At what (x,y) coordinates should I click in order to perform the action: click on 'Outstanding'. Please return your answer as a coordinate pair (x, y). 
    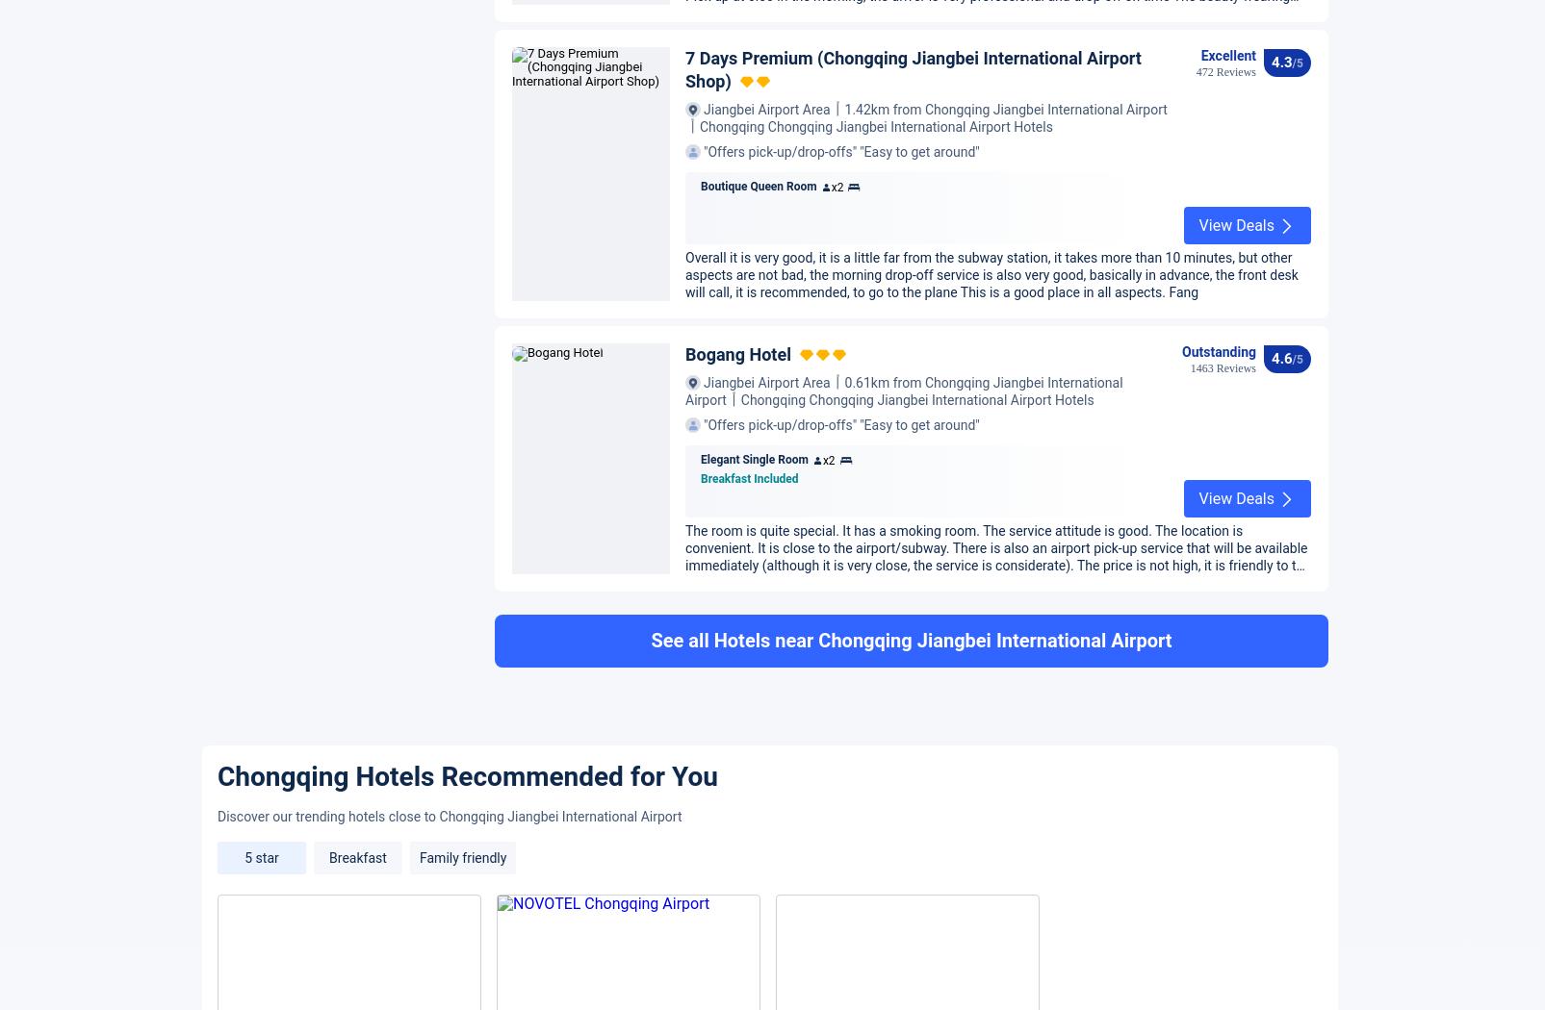
    Looking at the image, I should click on (1218, 848).